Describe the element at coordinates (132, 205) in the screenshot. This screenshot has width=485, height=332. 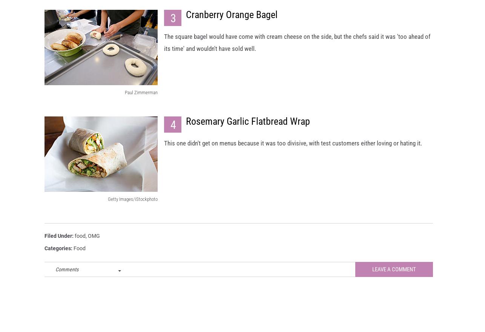
I see `'Getty Images/iStockphoto'` at that location.